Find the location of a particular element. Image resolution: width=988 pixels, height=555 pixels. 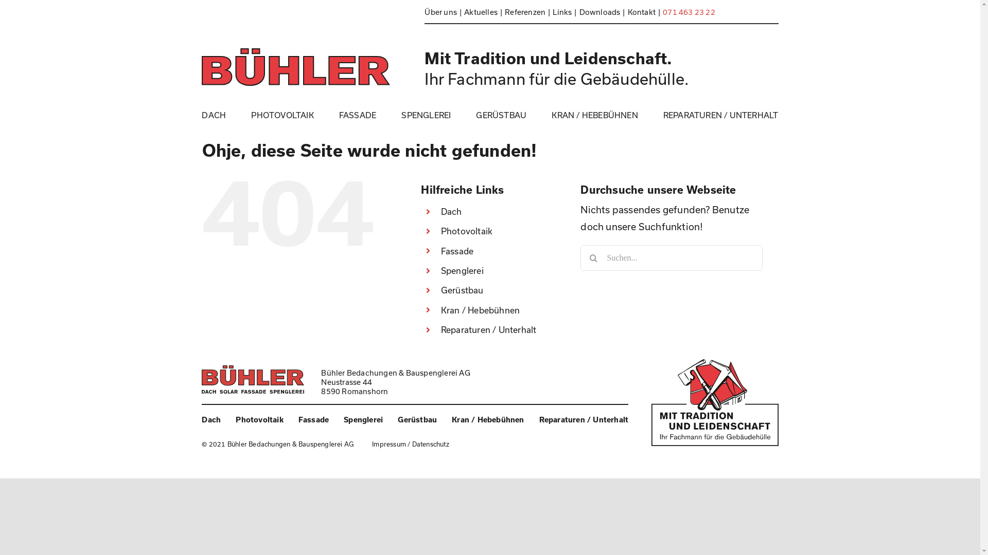

'Fassade' is located at coordinates (456, 251).